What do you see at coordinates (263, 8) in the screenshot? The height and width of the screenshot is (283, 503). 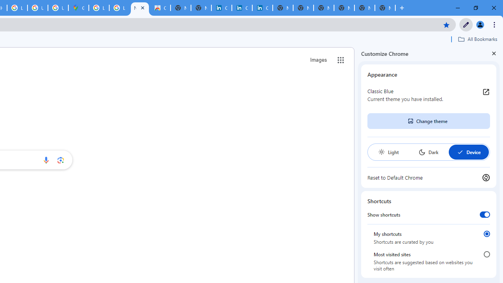 I see `'Copyright Policy'` at bounding box center [263, 8].